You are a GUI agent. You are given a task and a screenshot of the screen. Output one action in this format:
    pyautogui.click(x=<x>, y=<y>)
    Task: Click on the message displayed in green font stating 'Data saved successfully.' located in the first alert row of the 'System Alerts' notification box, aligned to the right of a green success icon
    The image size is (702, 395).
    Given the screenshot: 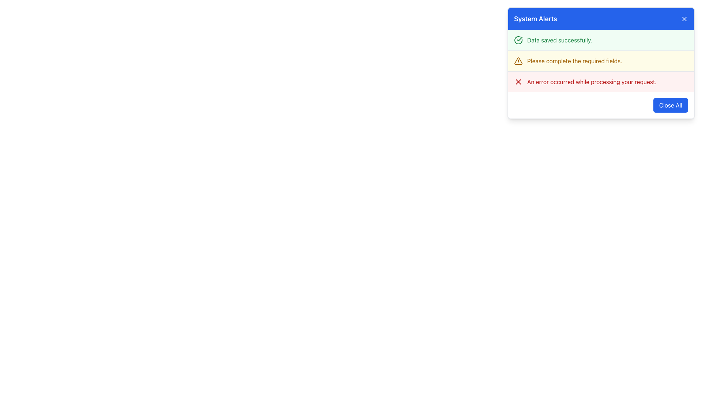 What is the action you would take?
    pyautogui.click(x=559, y=40)
    